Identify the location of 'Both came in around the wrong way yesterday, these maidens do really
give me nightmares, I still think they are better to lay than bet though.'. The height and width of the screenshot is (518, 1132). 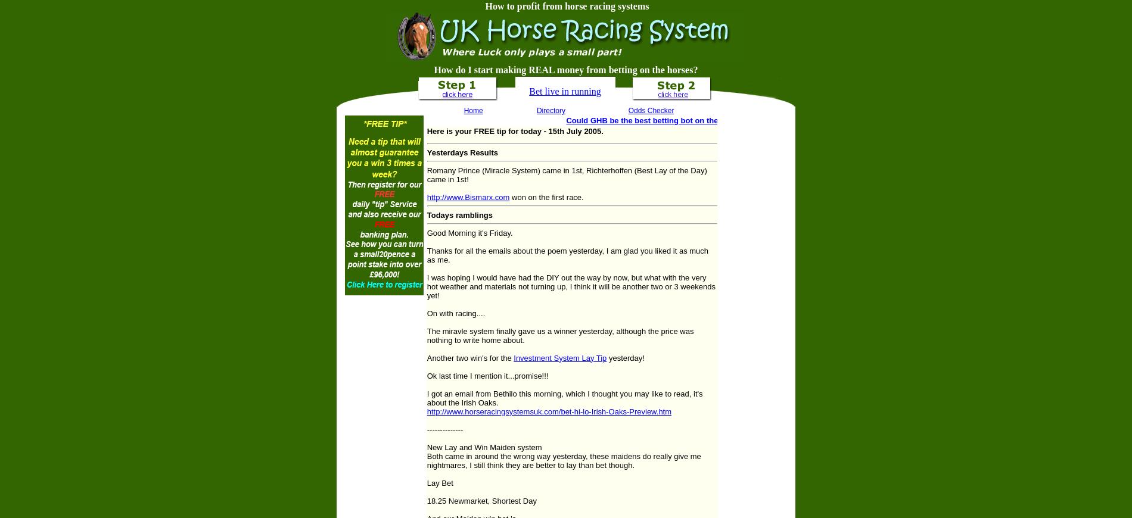
(563, 460).